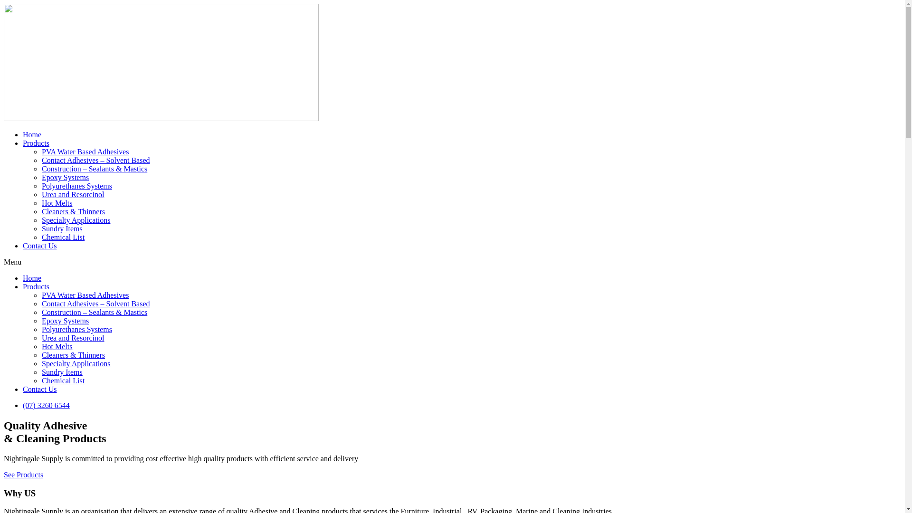 The image size is (912, 513). What do you see at coordinates (85, 151) in the screenshot?
I see `'PVA Water Based Adhesives'` at bounding box center [85, 151].